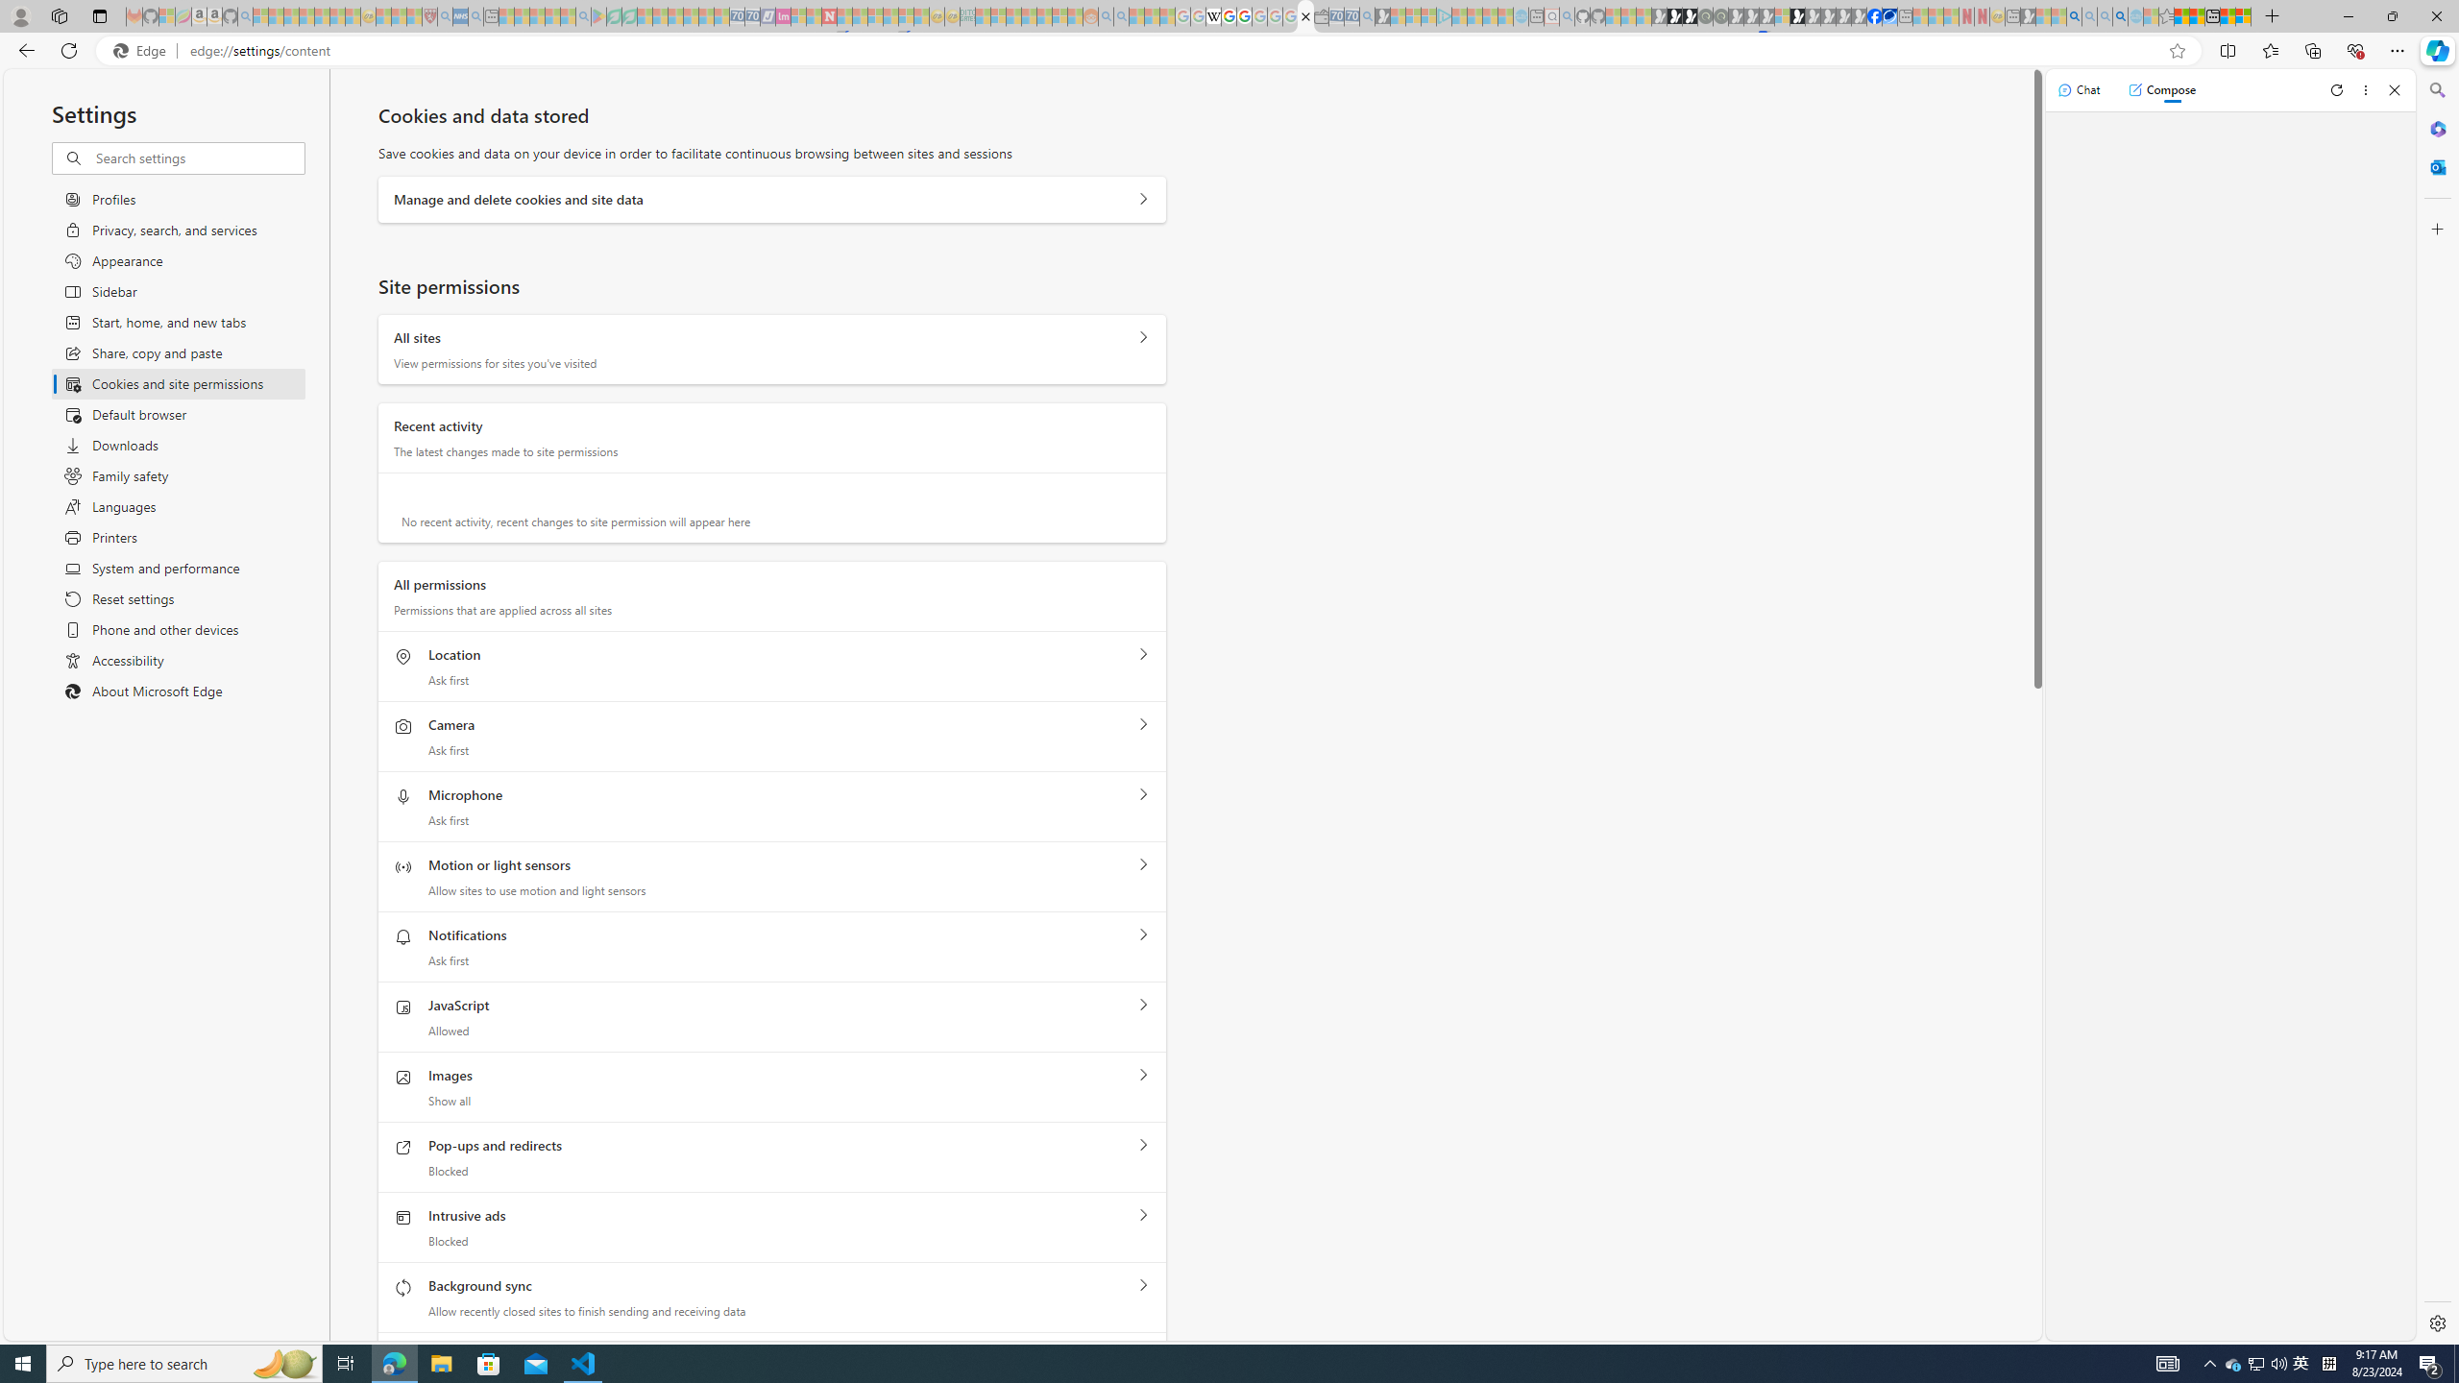 This screenshot has height=1383, width=2459. What do you see at coordinates (2074, 15) in the screenshot?
I see `'Bing AI - Search'` at bounding box center [2074, 15].